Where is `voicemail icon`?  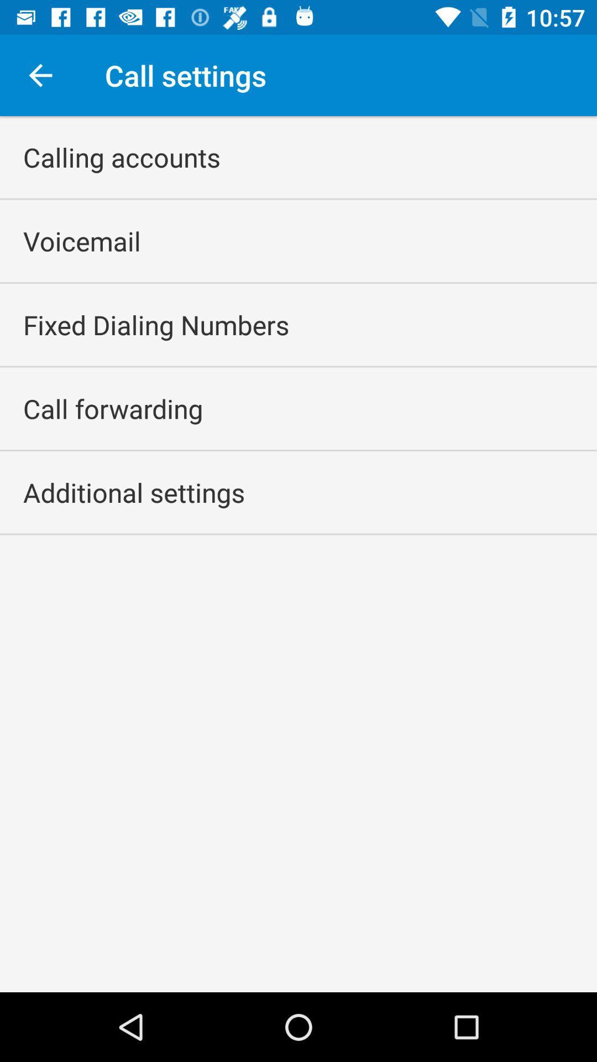 voicemail icon is located at coordinates (81, 240).